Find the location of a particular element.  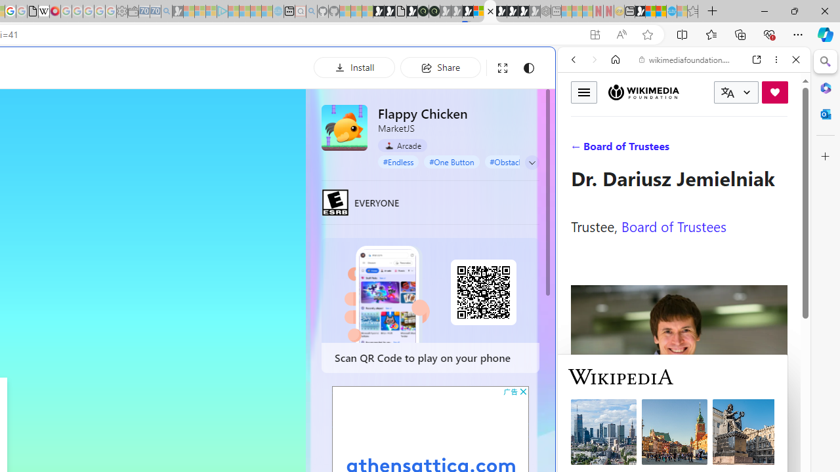

'Search Filter, VIDEOS' is located at coordinates (660, 149).